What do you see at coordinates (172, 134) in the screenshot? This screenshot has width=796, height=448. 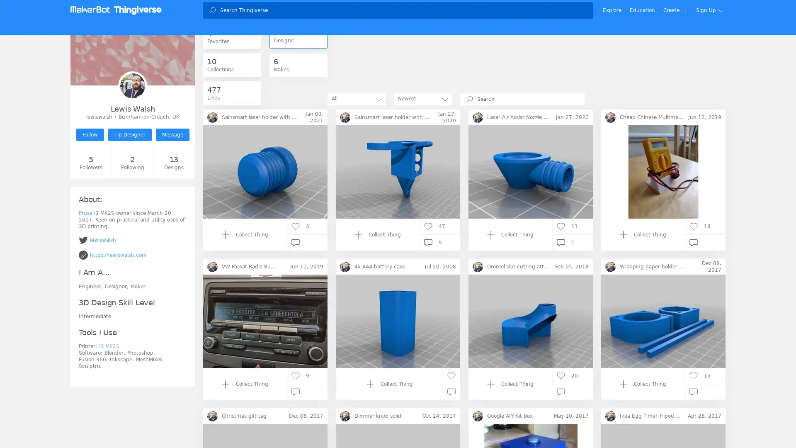 I see `Message` at bounding box center [172, 134].